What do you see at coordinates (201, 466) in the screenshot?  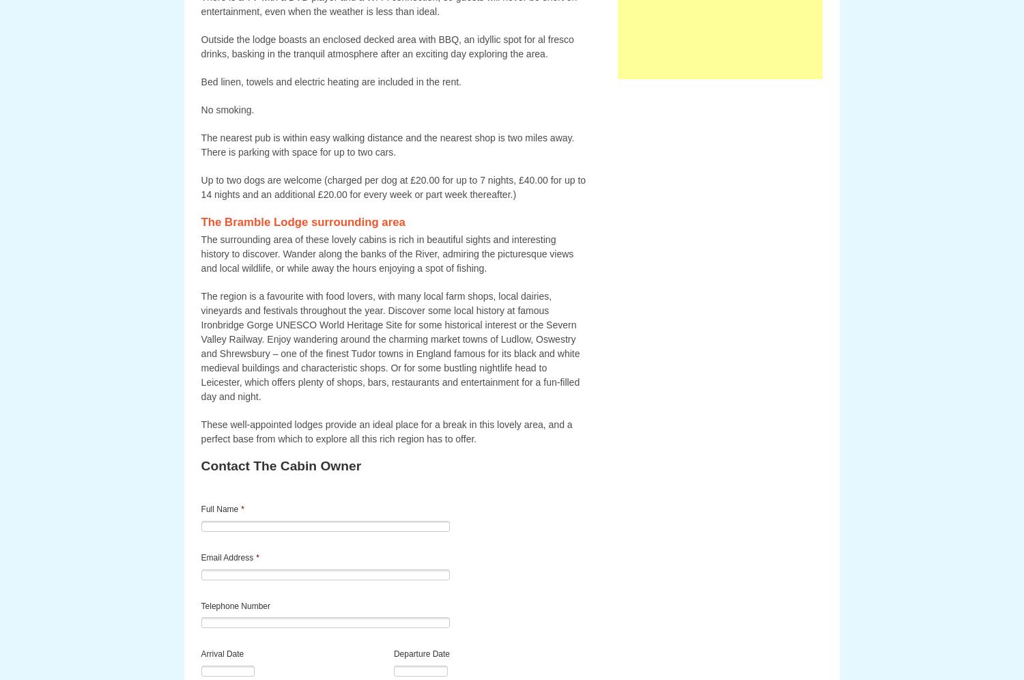 I see `'Contact The Cabin Owner'` at bounding box center [201, 466].